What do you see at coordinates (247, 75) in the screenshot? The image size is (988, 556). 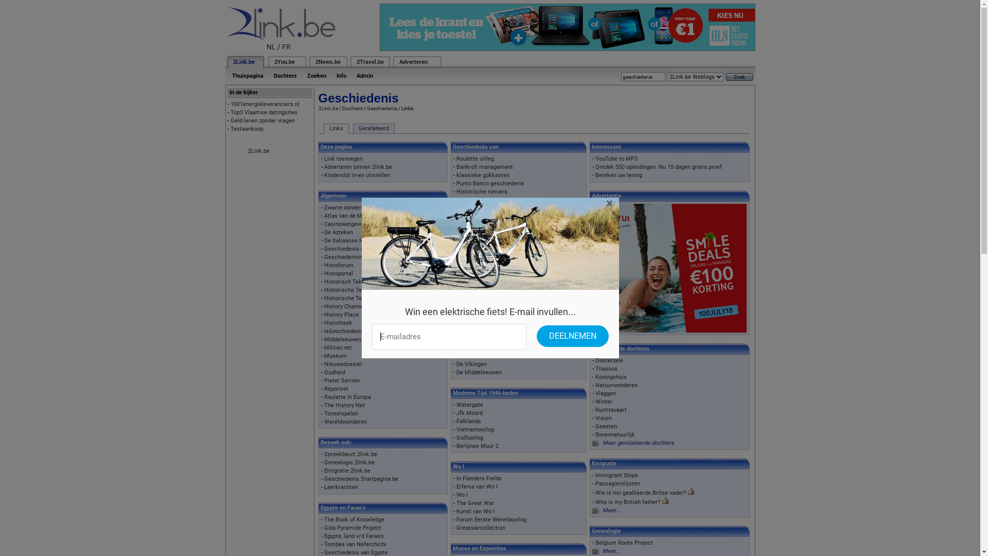 I see `'Thuispagina'` at bounding box center [247, 75].